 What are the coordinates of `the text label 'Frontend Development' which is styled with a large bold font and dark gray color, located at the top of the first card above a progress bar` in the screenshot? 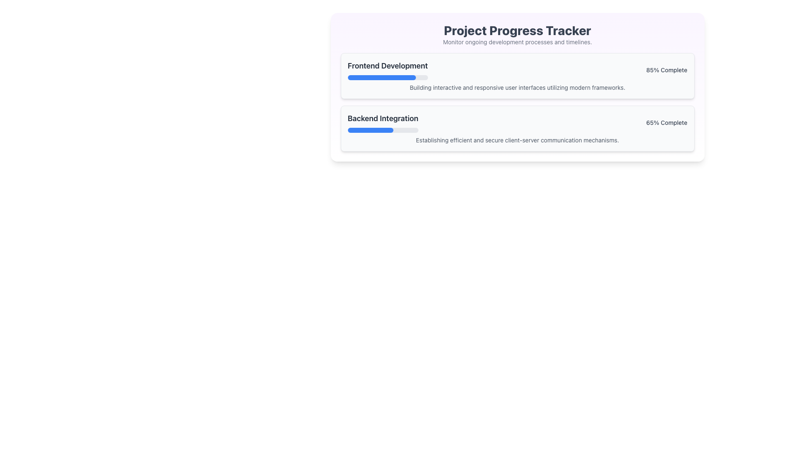 It's located at (387, 66).